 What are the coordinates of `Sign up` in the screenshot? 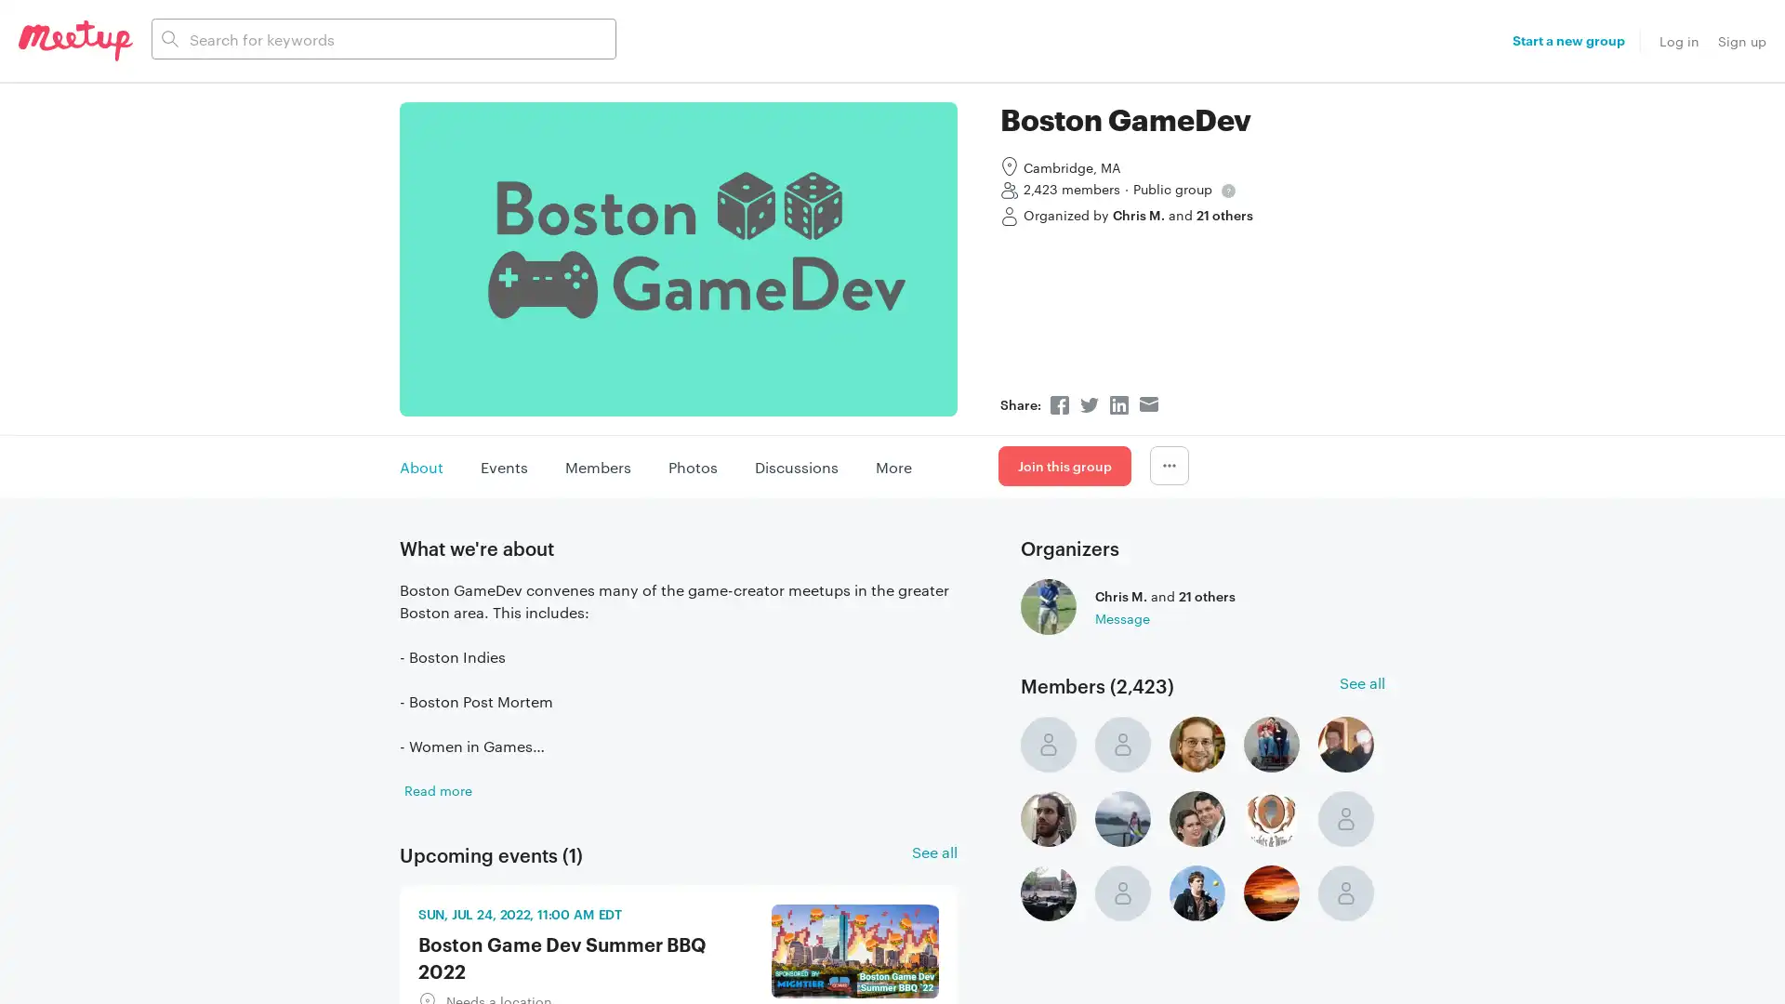 It's located at (1740, 40).